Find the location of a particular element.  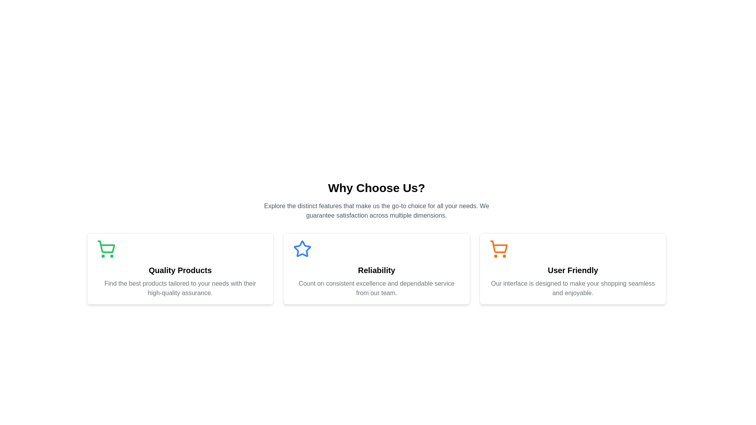

static text block providing introductory description below the heading 'Why Choose Us?' is located at coordinates (376, 211).